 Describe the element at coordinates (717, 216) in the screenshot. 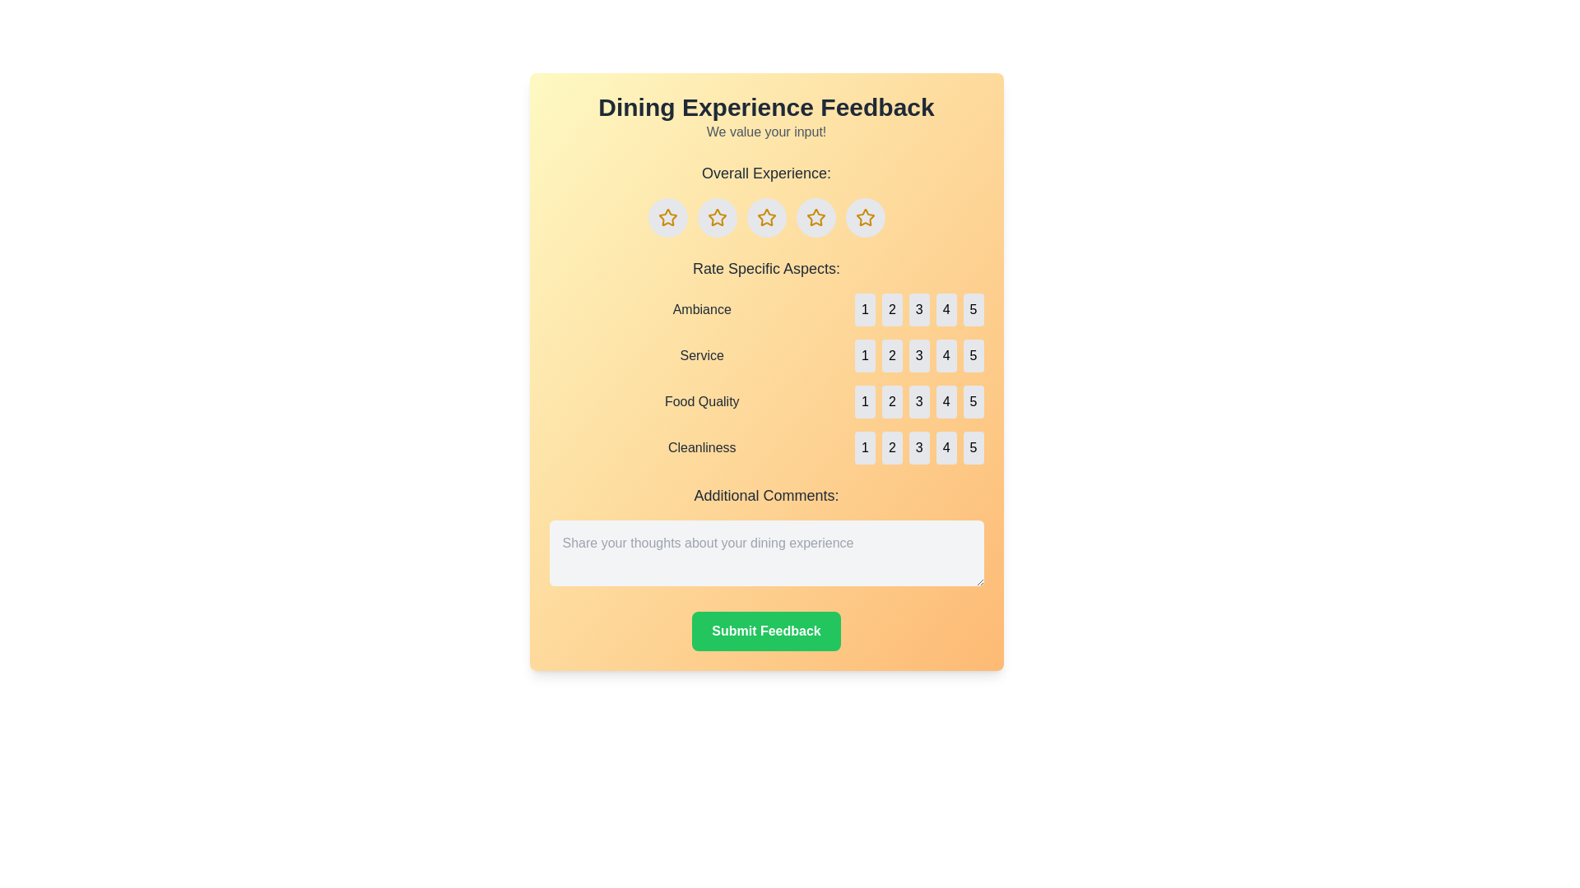

I see `the second star icon in the row of five stars labeled 'Overall Experience:'` at that location.